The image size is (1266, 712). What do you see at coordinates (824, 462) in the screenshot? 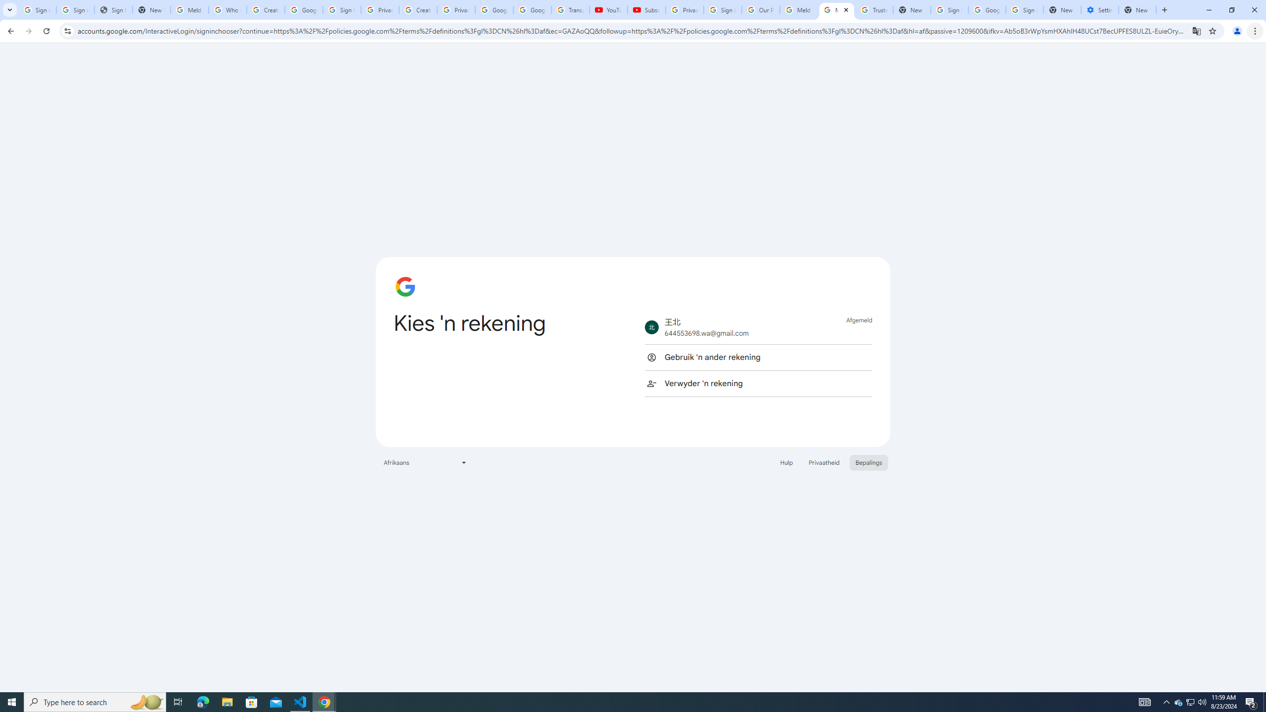
I see `'Privaatheid'` at bounding box center [824, 462].